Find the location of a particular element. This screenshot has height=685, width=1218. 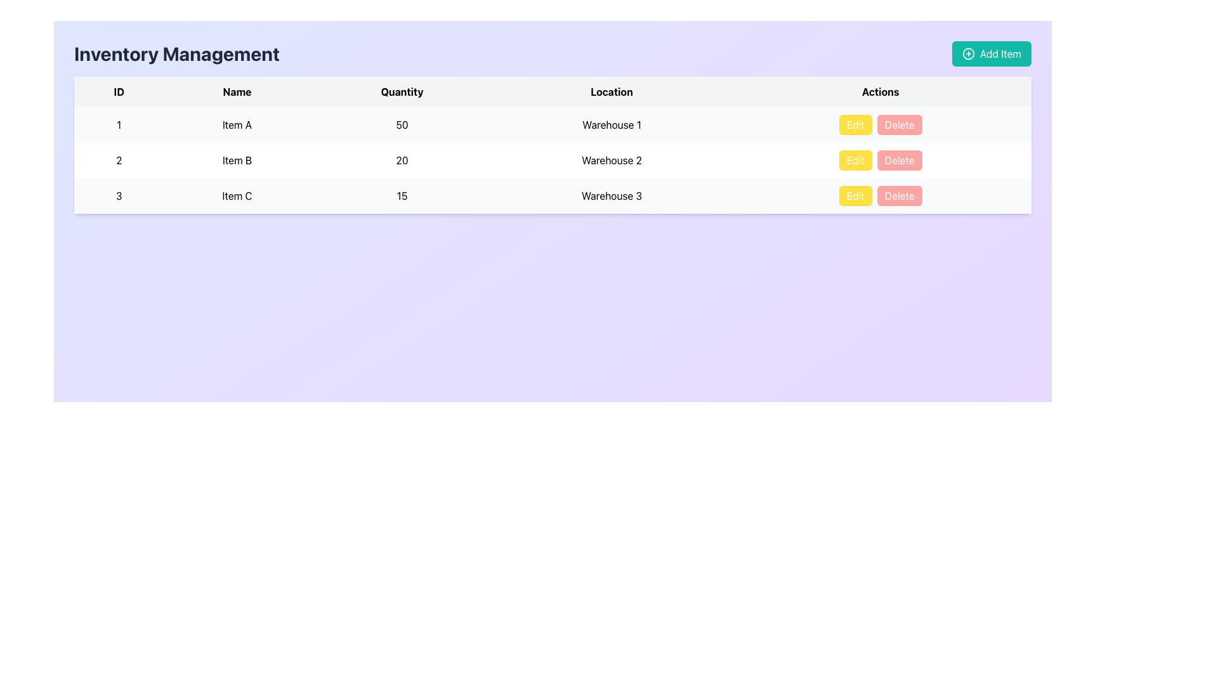

the icon located to the left of the 'Add Item' button in the top-right corner of the interface is located at coordinates (967, 53).